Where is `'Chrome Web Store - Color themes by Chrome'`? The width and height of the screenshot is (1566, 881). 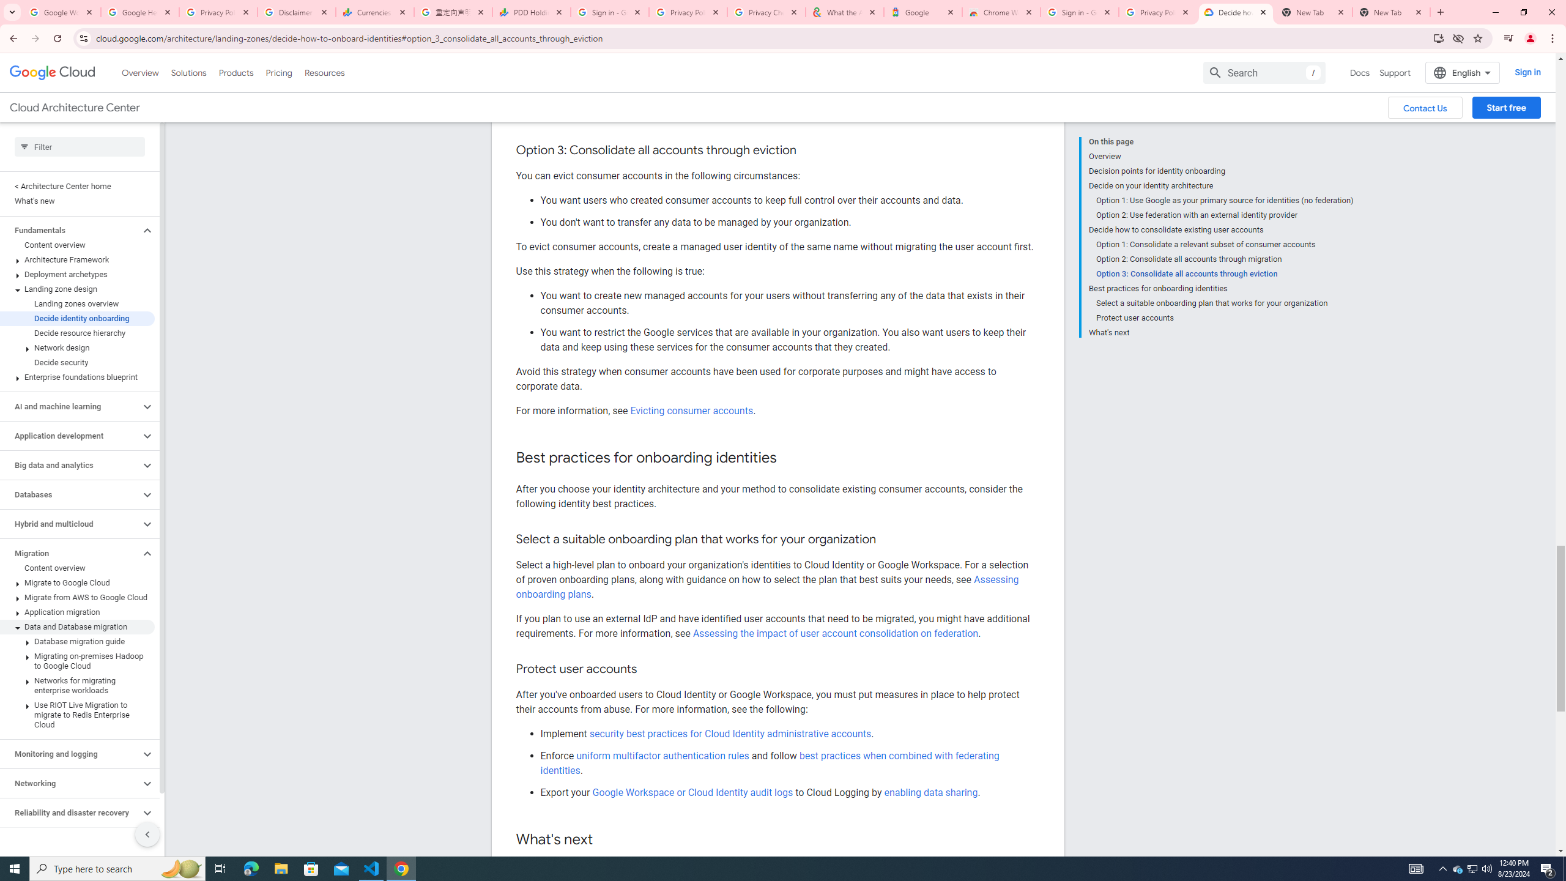 'Chrome Web Store - Color themes by Chrome' is located at coordinates (1001, 12).